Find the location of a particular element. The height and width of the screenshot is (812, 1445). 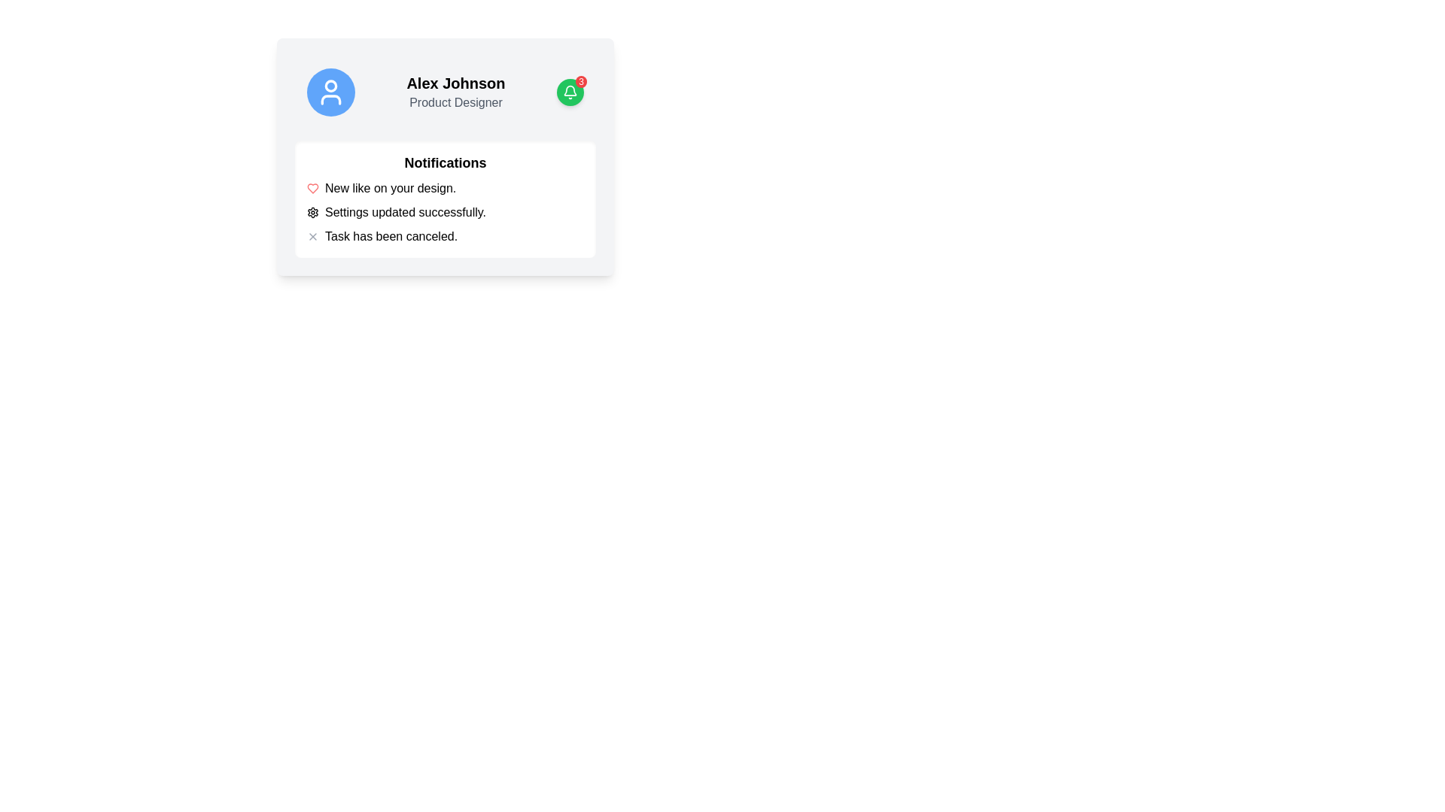

the circular graphical component located within the user icon, which represents the head portion of the icon is located at coordinates (330, 86).